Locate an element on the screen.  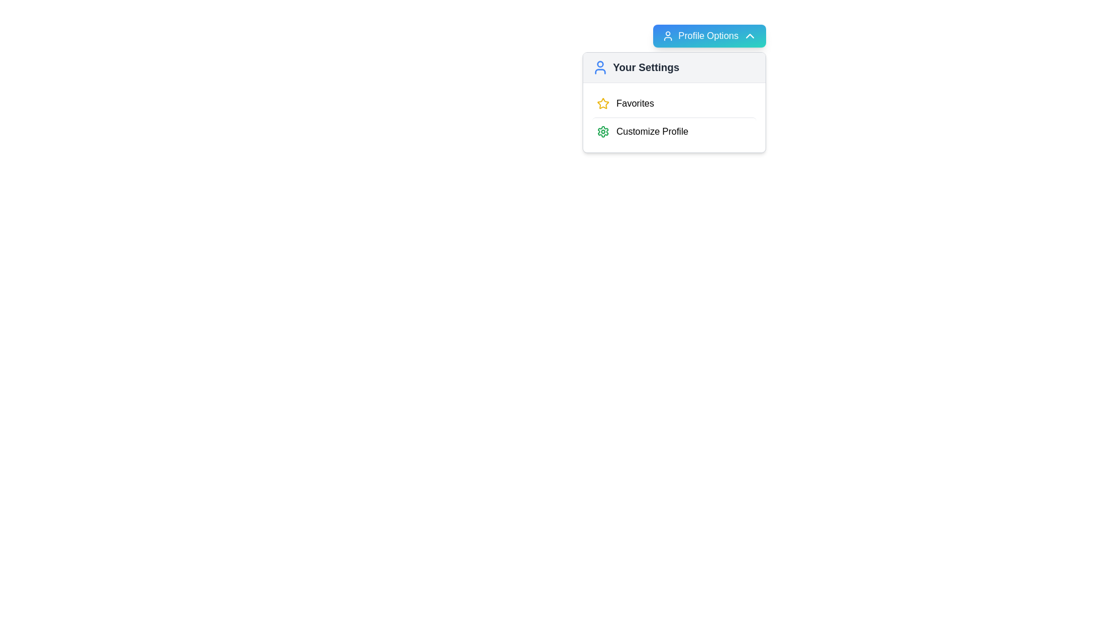
the profile customization settings label located in the dropdown menu titled 'Your Settings', which is the second item beneath 'Favorites' and follows a gear icon is located at coordinates (652, 131).